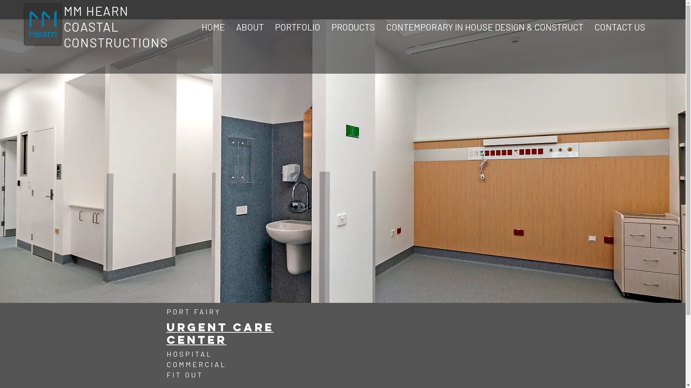 Image resolution: width=691 pixels, height=388 pixels. I want to click on 'CONTACT US', so click(619, 26).